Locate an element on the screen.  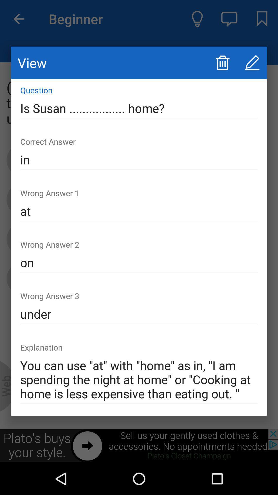
edit is located at coordinates (252, 62).